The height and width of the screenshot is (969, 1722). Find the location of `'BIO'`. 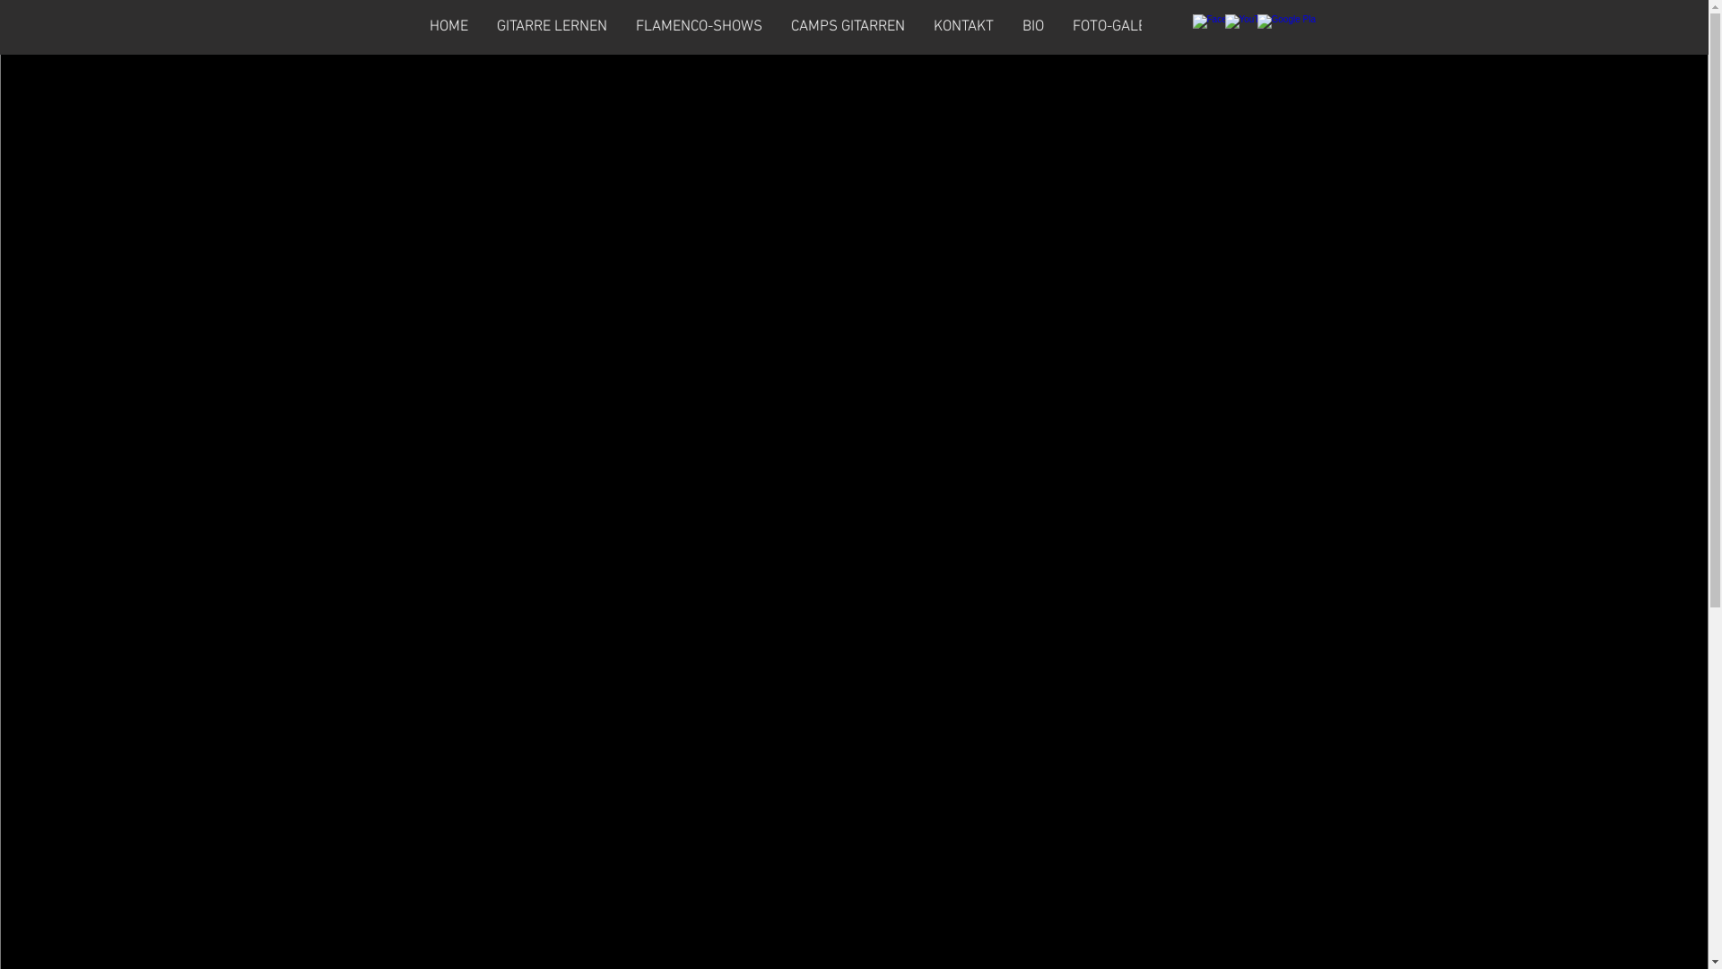

'BIO' is located at coordinates (1033, 28).